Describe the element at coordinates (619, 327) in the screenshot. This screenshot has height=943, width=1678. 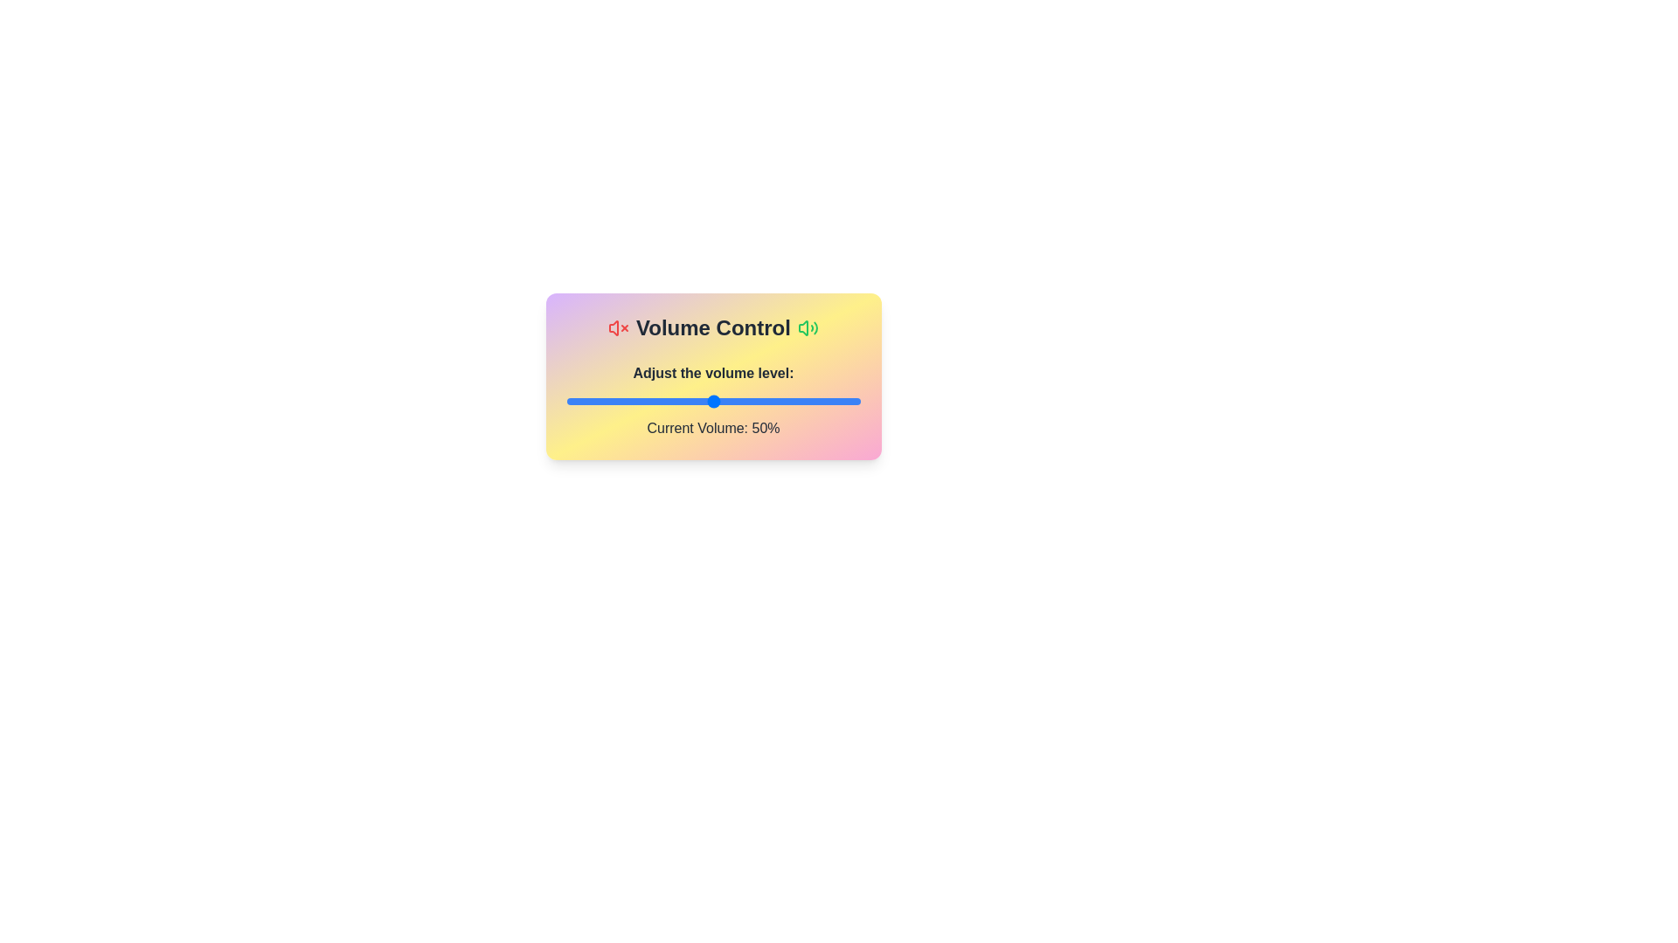
I see `the mute volume icon` at that location.